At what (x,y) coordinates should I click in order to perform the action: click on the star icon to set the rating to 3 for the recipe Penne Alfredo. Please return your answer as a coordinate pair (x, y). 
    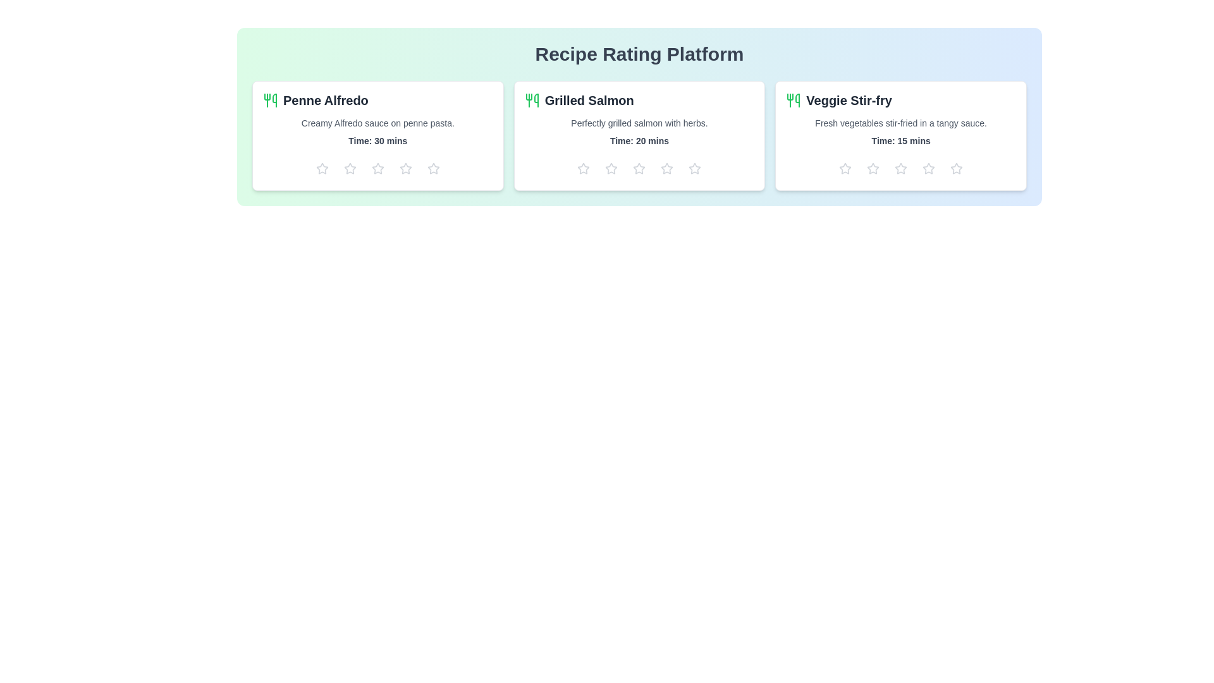
    Looking at the image, I should click on (377, 168).